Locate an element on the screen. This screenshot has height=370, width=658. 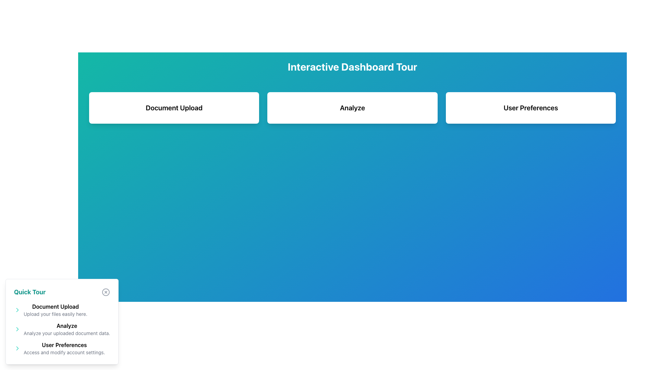
the circular gray button with a central cross mark located to the right of the 'Quick Tour' section header is located at coordinates (106, 292).